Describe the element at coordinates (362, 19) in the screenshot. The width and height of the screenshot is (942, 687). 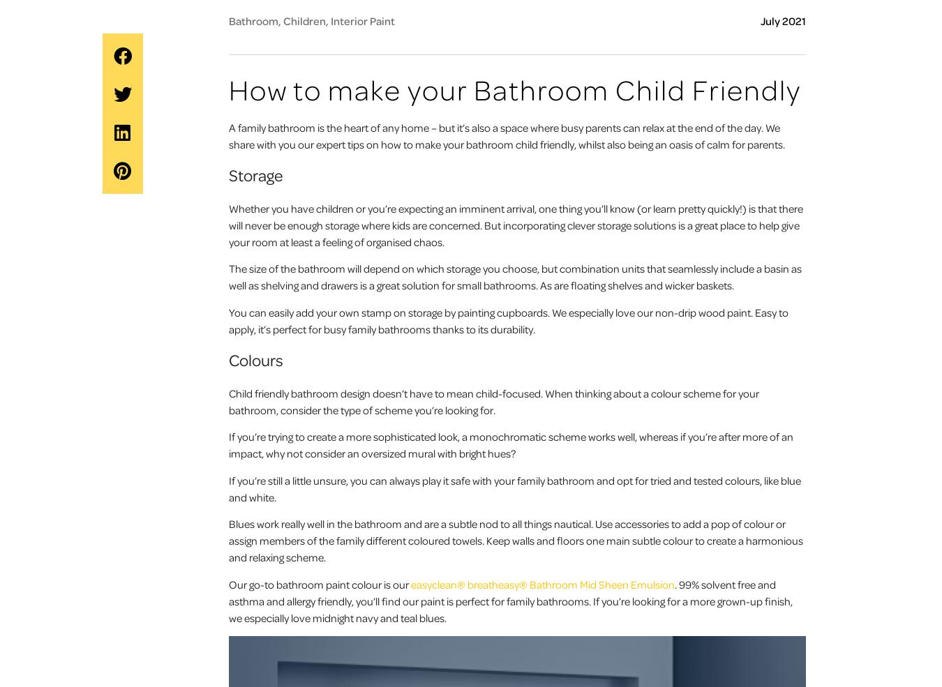
I see `'Interior Paint'` at that location.